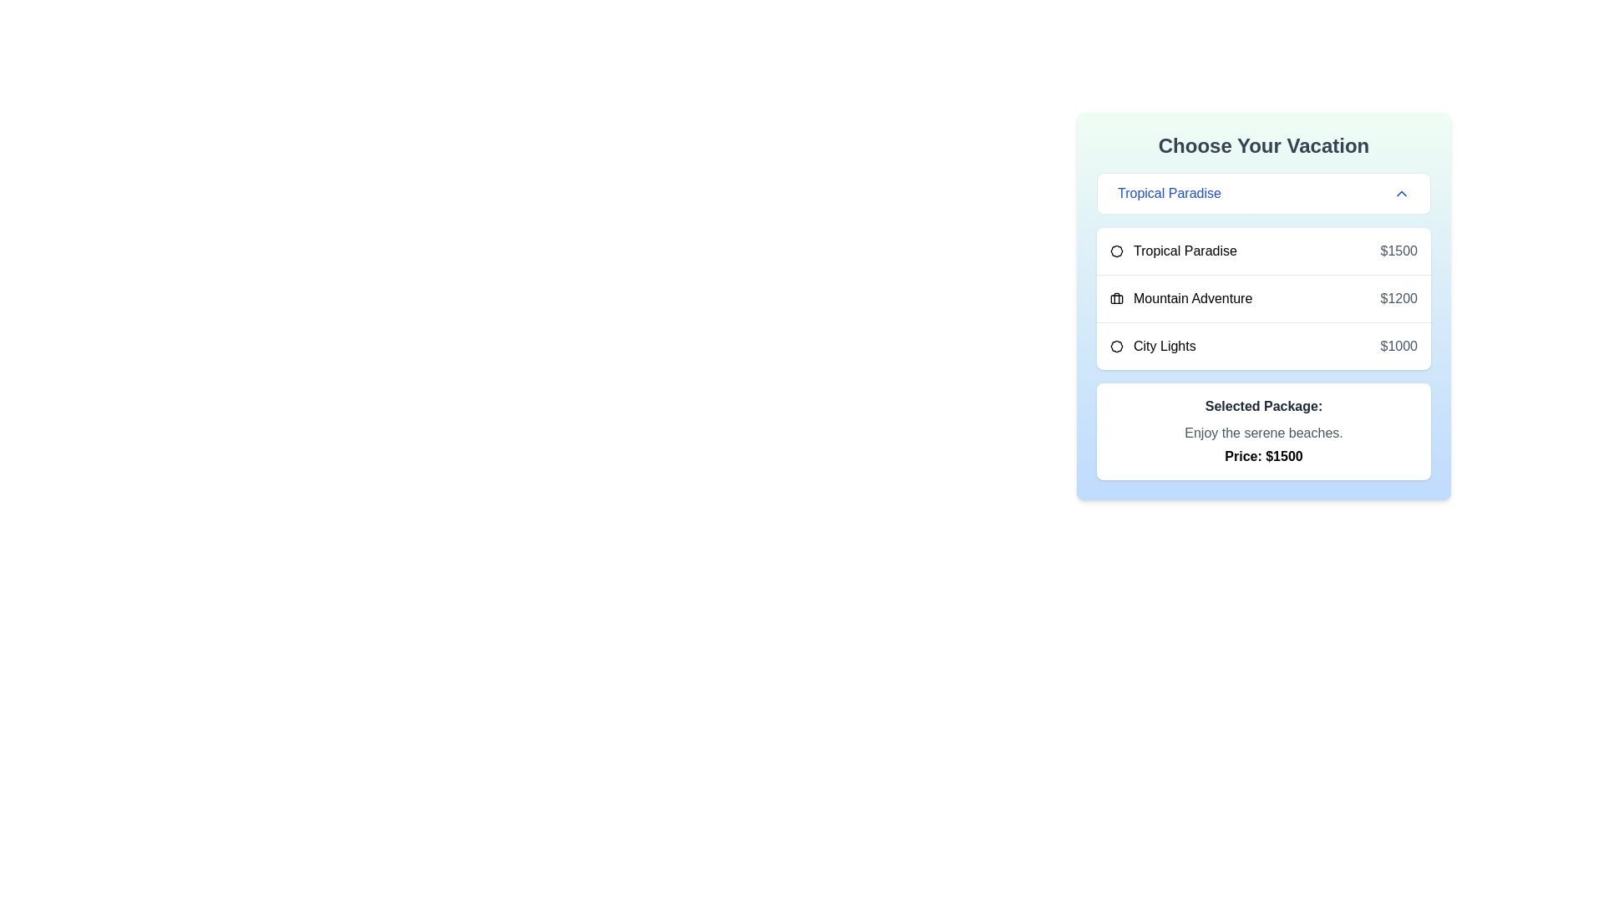 This screenshot has height=902, width=1604. What do you see at coordinates (1263, 251) in the screenshot?
I see `the first selectable list item labeled 'Tropical Paradise' in the 'Choose Your Vacation' options` at bounding box center [1263, 251].